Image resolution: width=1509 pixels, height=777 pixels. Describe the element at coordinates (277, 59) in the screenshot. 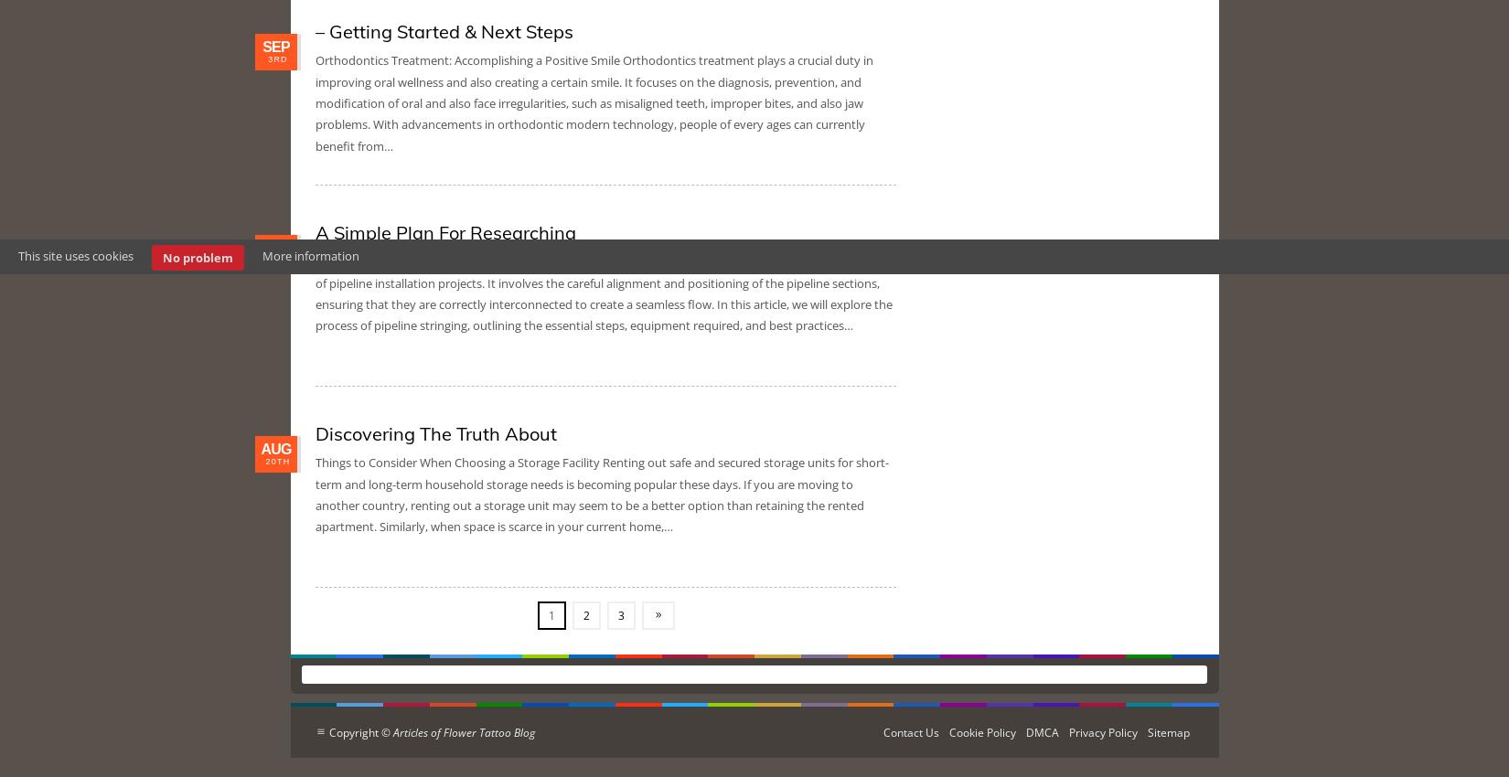

I see `'3rd'` at that location.